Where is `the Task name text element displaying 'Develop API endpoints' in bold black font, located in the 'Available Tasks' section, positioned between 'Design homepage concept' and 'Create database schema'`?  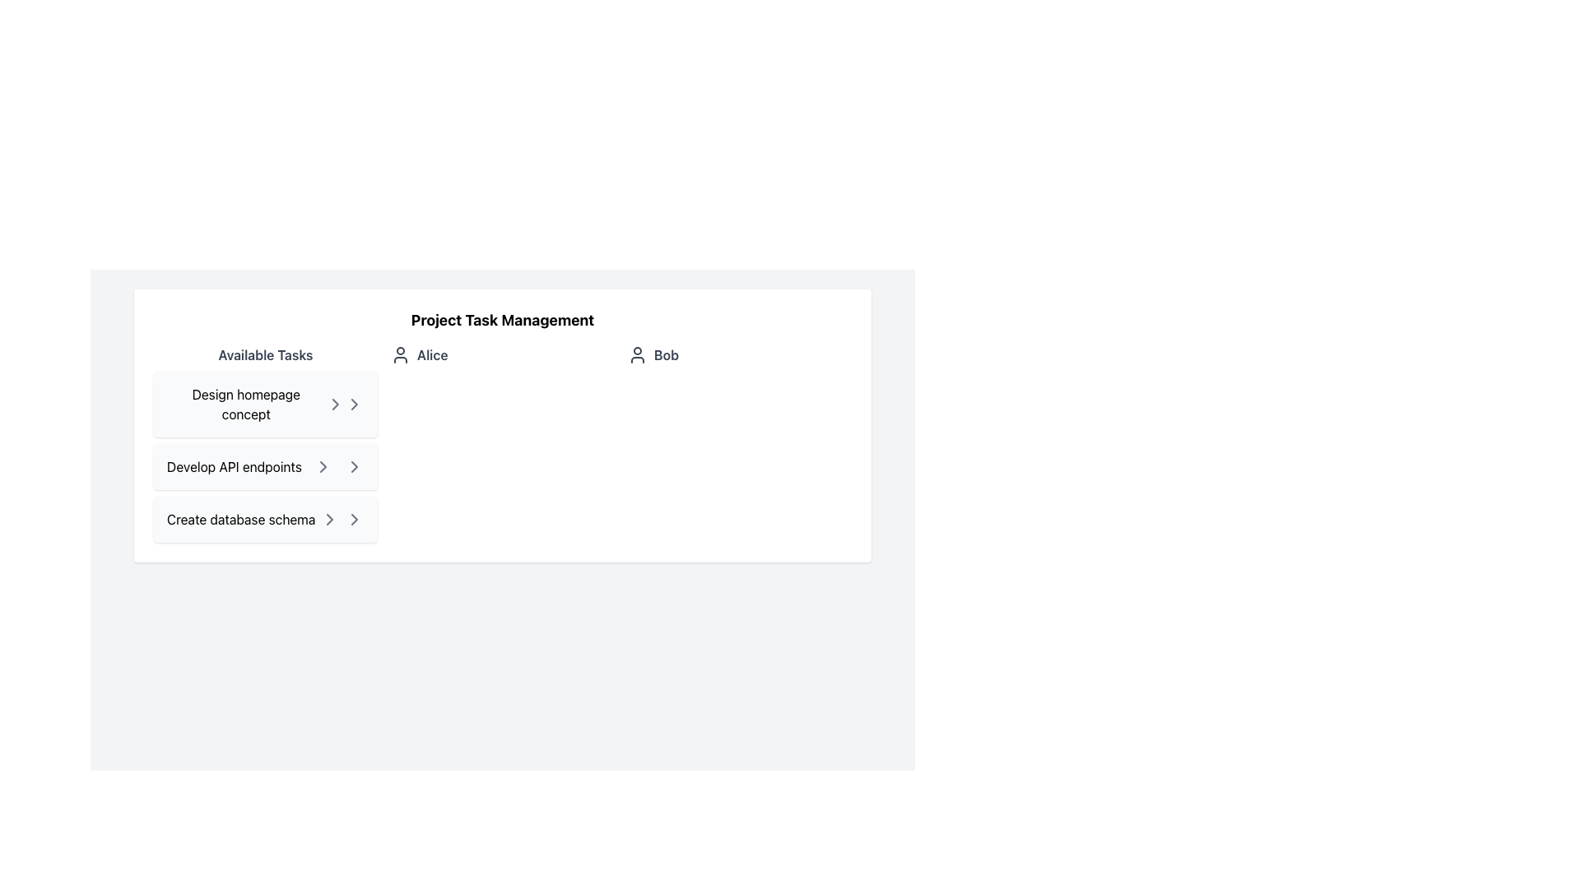 the Task name text element displaying 'Develop API endpoints' in bold black font, located in the 'Available Tasks' section, positioned between 'Design homepage concept' and 'Create database schema' is located at coordinates (233, 466).